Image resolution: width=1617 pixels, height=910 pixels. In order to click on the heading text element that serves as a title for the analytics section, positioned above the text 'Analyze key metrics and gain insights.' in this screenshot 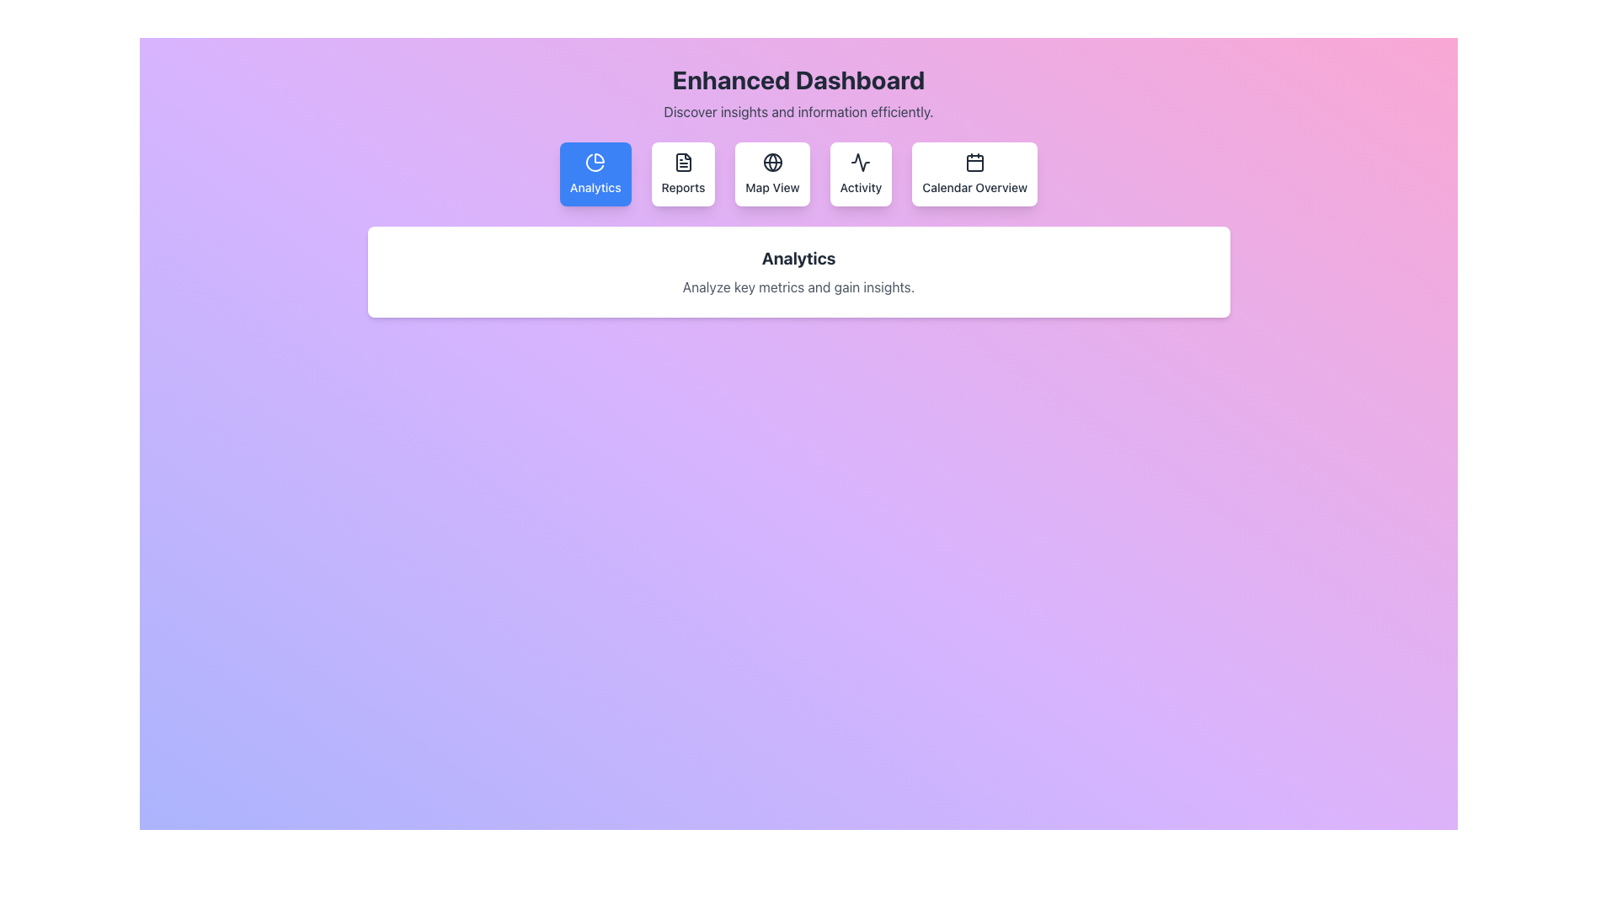, I will do `click(798, 259)`.